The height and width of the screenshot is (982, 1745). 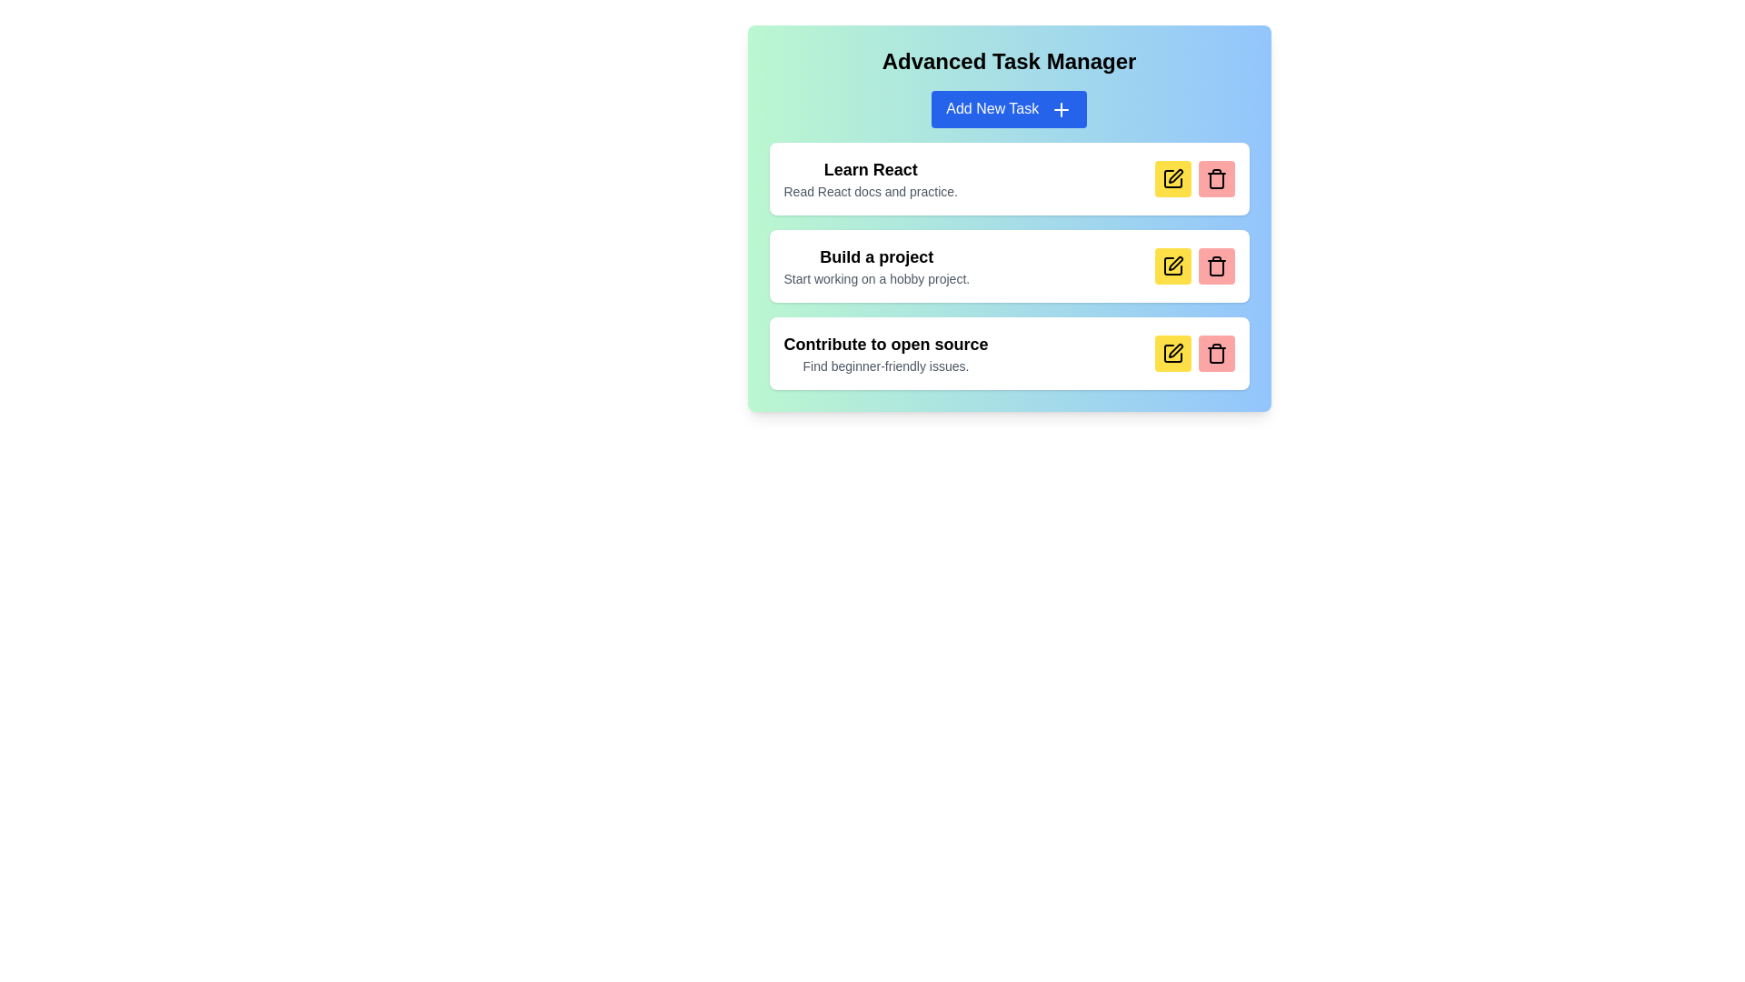 I want to click on edit button for the task titled Build a project, so click(x=1172, y=266).